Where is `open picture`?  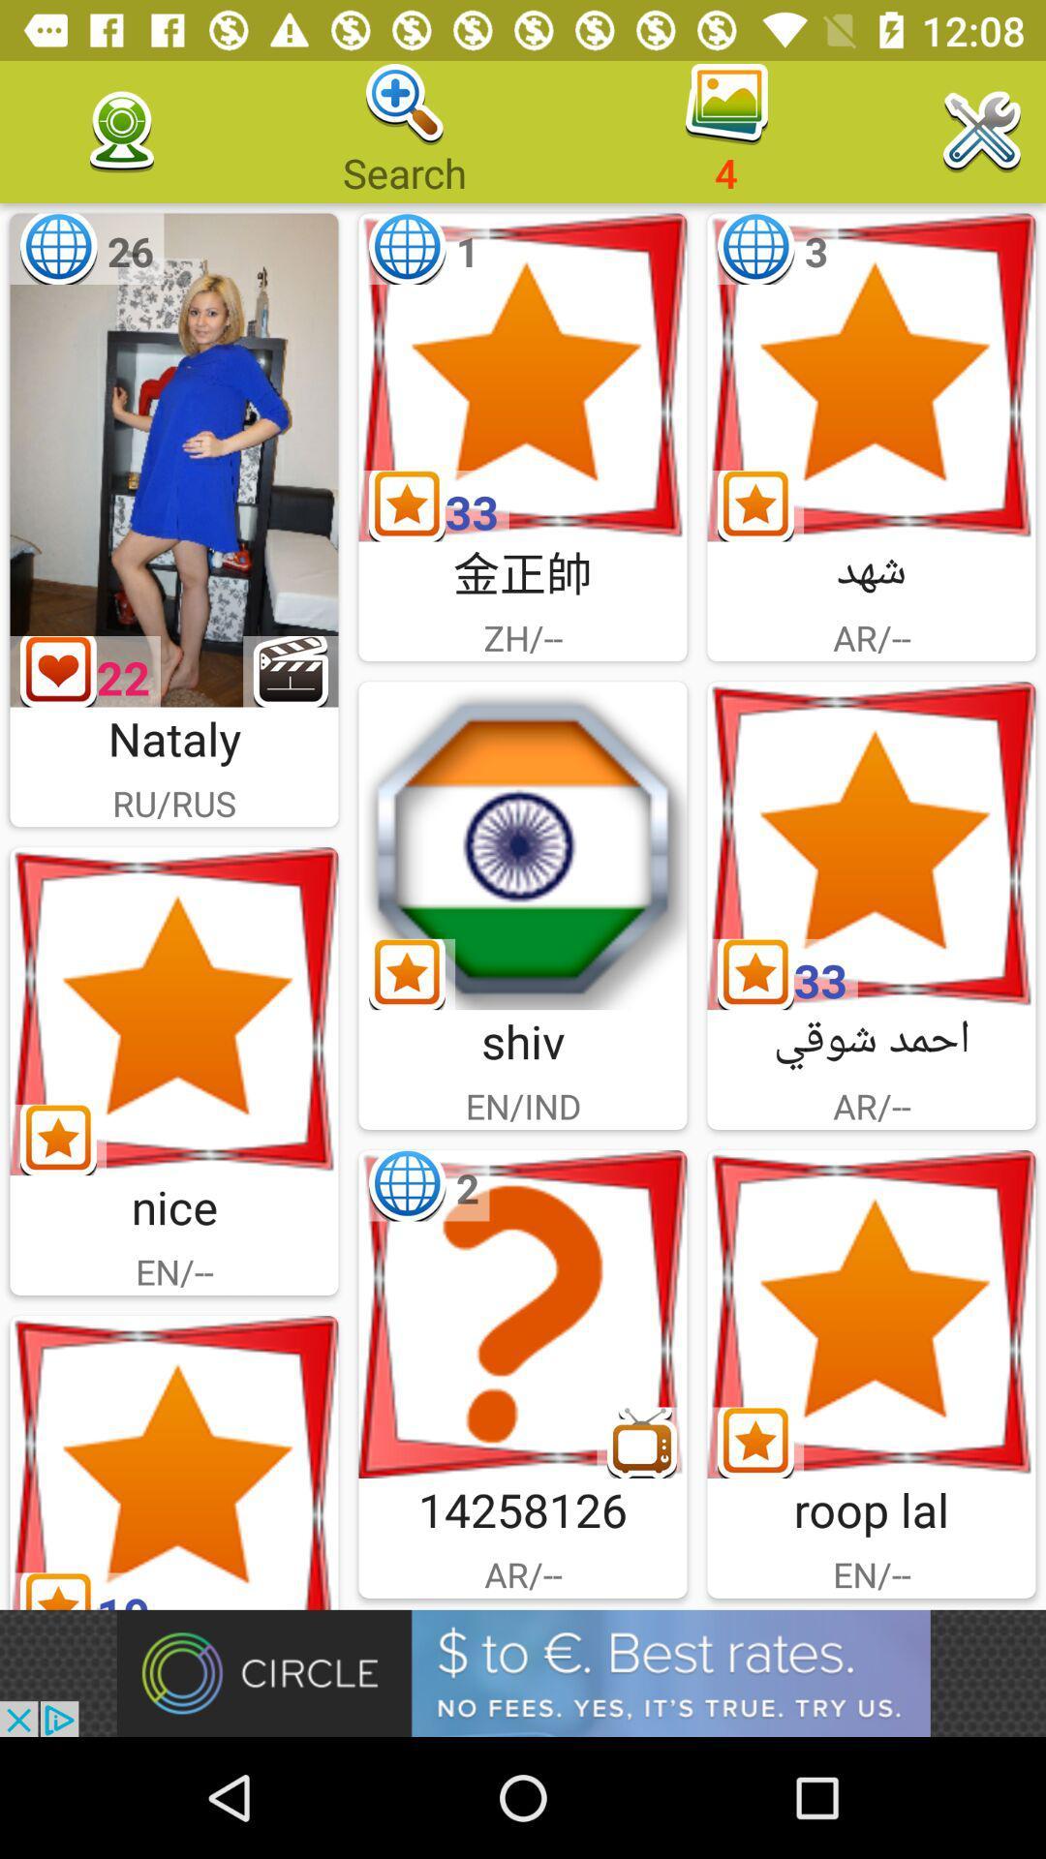 open picture is located at coordinates (870, 845).